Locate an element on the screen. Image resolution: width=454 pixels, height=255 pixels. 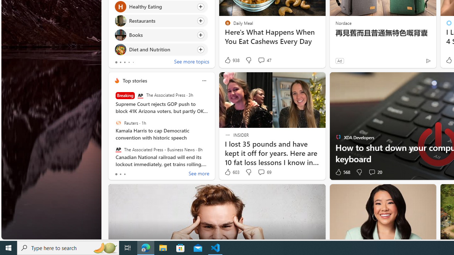
'Reuters' is located at coordinates (118, 123).